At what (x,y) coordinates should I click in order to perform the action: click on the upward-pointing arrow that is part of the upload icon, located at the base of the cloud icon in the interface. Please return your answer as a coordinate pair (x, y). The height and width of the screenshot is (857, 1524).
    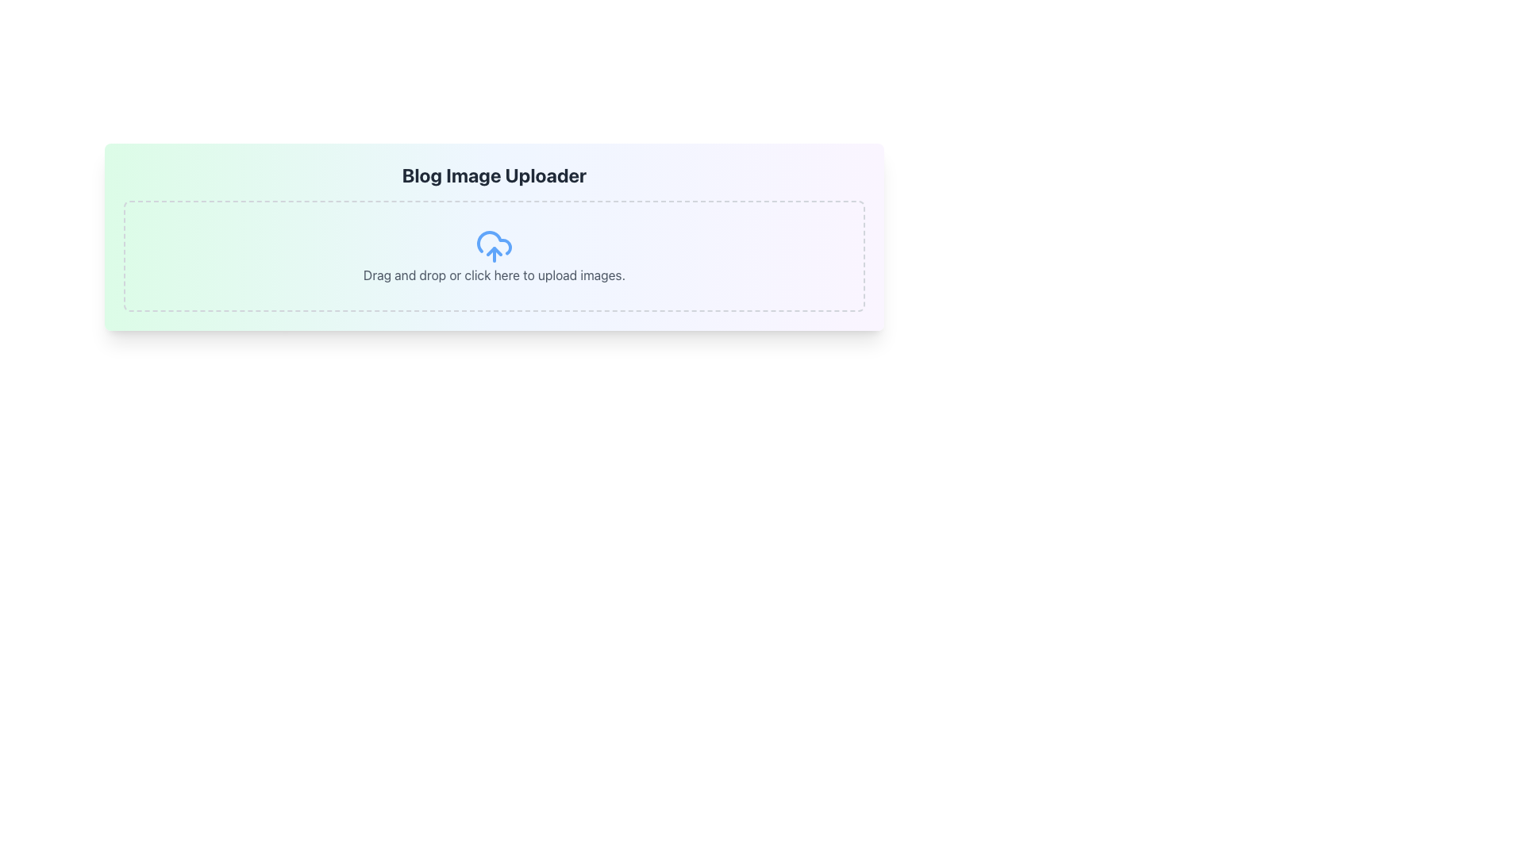
    Looking at the image, I should click on (494, 250).